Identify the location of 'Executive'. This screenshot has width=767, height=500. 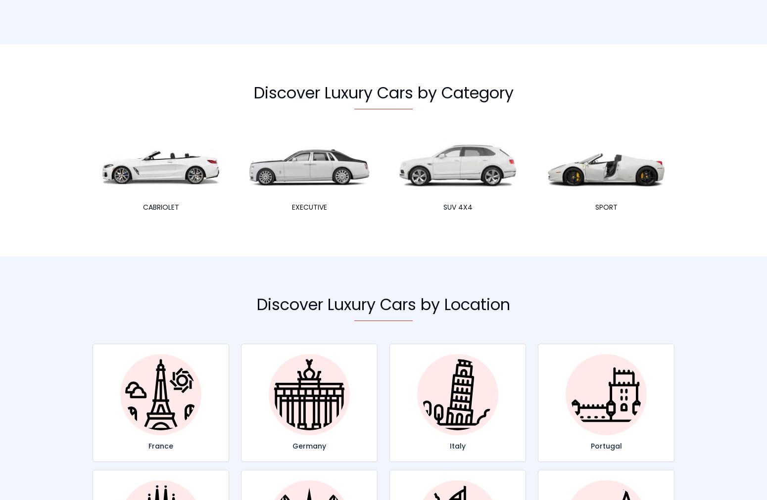
(291, 206).